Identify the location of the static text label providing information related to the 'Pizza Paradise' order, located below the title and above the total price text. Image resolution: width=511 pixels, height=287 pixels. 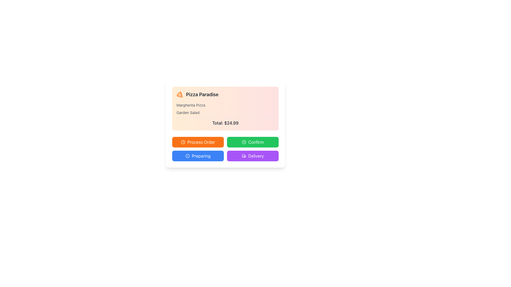
(188, 112).